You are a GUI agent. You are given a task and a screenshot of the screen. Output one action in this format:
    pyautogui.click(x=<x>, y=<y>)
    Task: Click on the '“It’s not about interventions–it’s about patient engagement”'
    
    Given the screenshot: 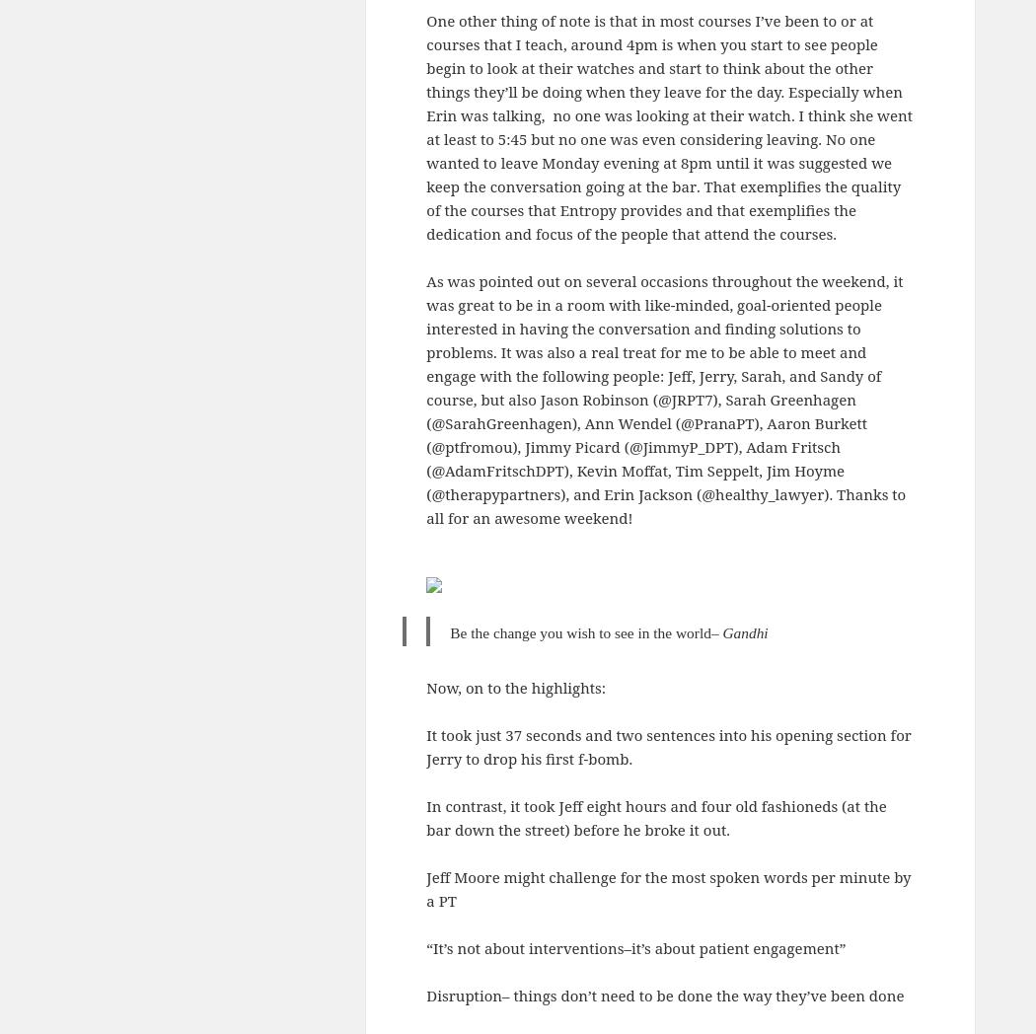 What is the action you would take?
    pyautogui.click(x=634, y=946)
    